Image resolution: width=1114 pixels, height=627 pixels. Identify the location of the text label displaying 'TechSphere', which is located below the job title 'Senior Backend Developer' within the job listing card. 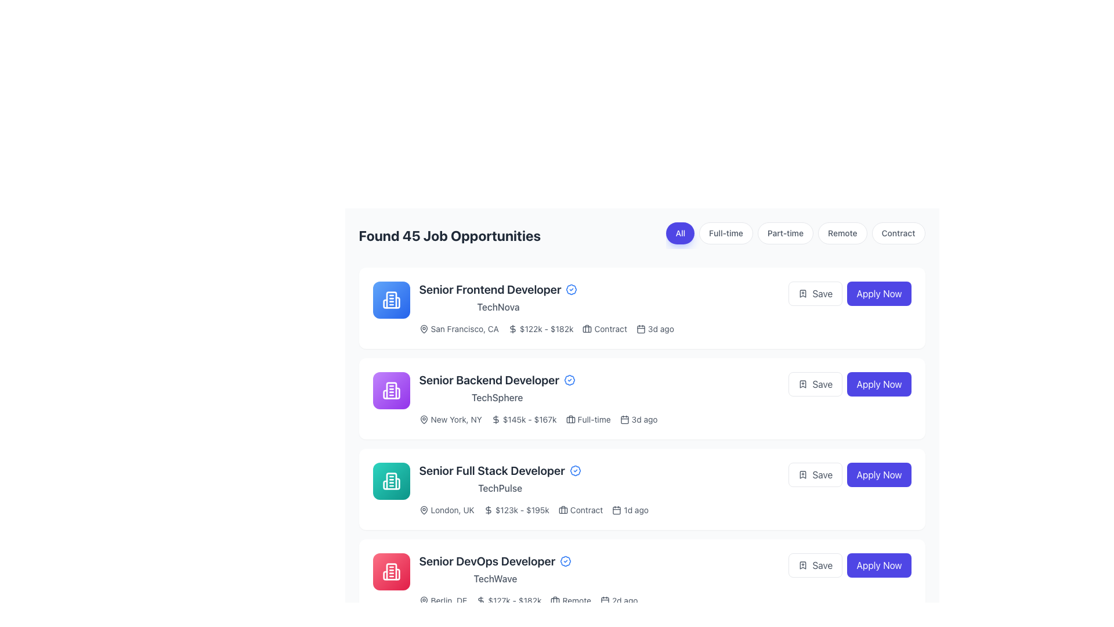
(497, 397).